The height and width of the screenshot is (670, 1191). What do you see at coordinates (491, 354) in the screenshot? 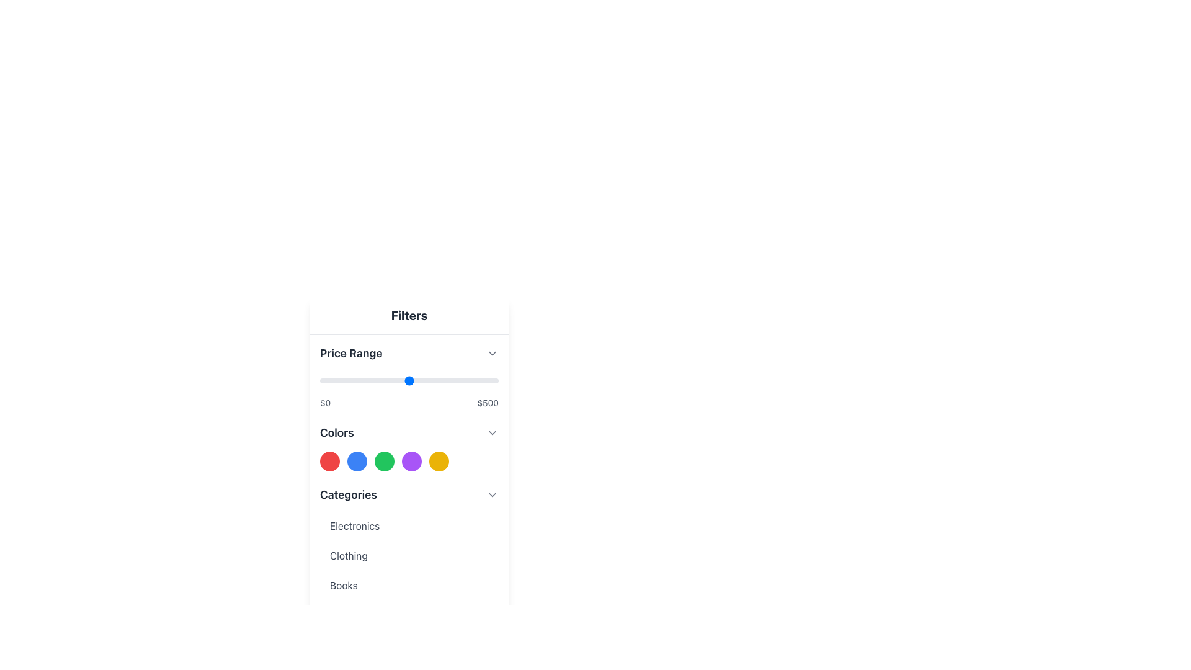
I see `the downward pointing chevron icon located at the far-right of the 'Price Range' section` at bounding box center [491, 354].